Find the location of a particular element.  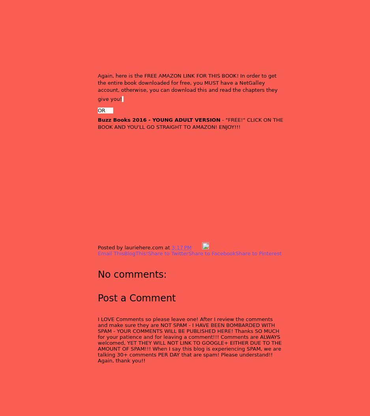

'Share to Twitter' is located at coordinates (168, 253).